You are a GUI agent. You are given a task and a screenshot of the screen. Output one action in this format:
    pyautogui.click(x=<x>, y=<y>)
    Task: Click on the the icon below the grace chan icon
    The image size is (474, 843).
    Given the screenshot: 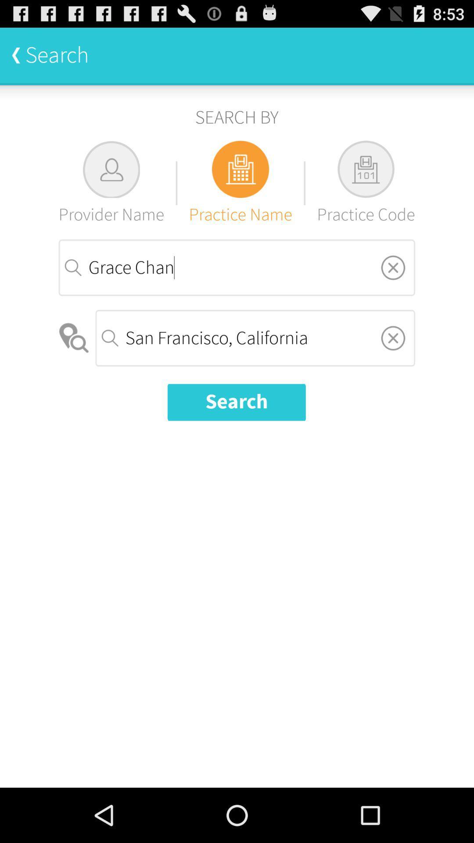 What is the action you would take?
    pyautogui.click(x=392, y=337)
    